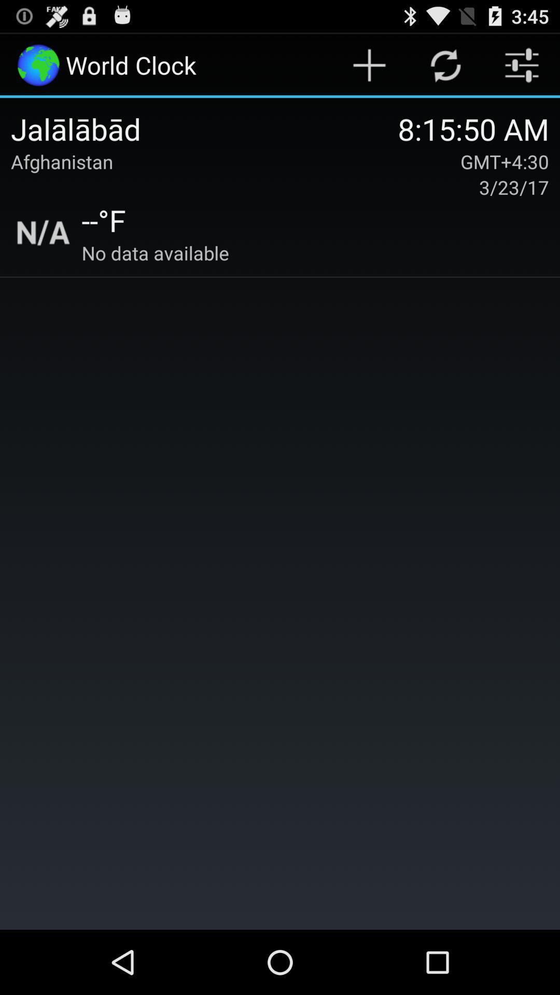 The width and height of the screenshot is (560, 995). Describe the element at coordinates (43, 232) in the screenshot. I see `the icon below afghanistan` at that location.